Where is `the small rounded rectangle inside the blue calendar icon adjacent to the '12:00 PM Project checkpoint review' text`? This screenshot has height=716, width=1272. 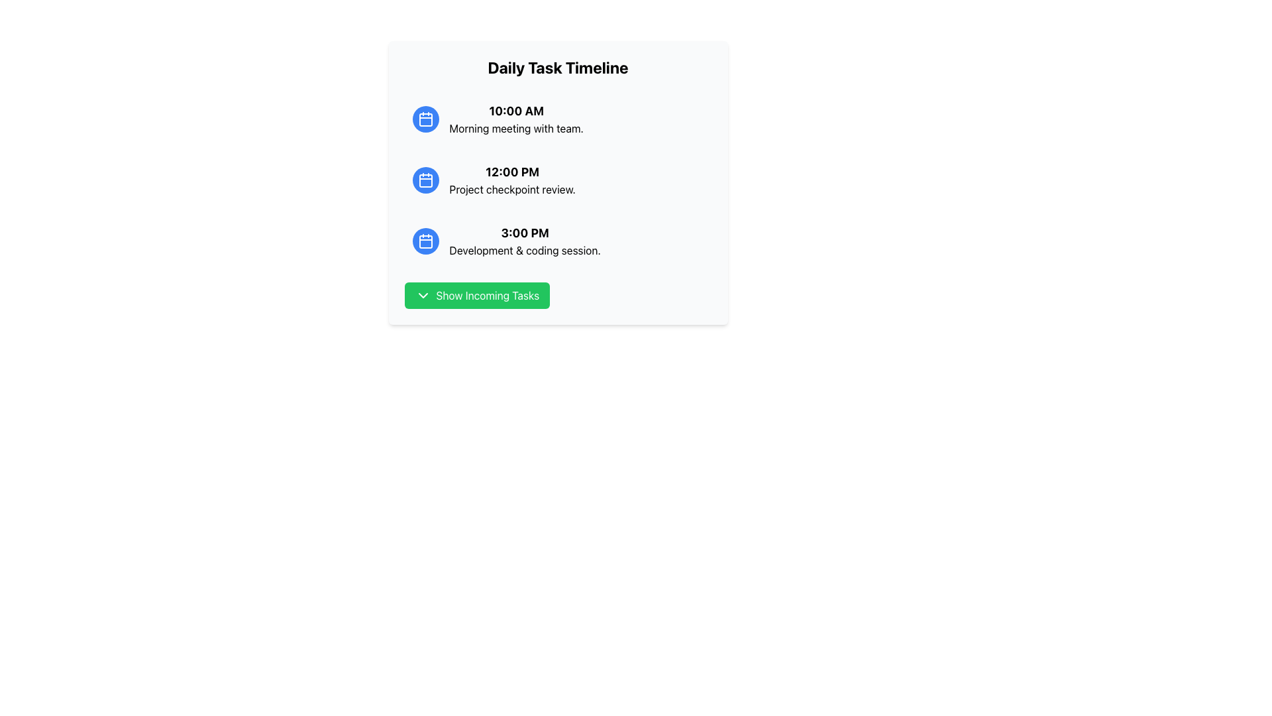
the small rounded rectangle inside the blue calendar icon adjacent to the '12:00 PM Project checkpoint review' text is located at coordinates (425, 181).